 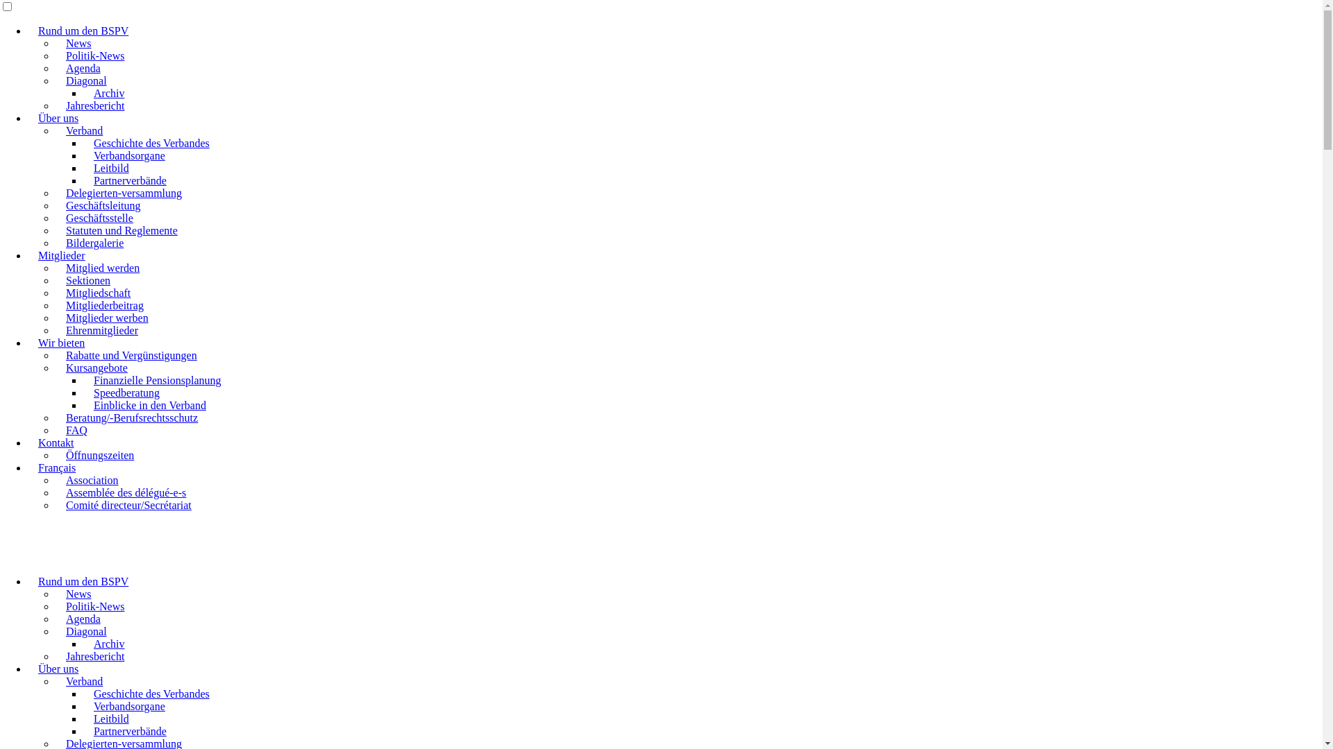 I want to click on 'Statuten und Reglemente', so click(x=121, y=230).